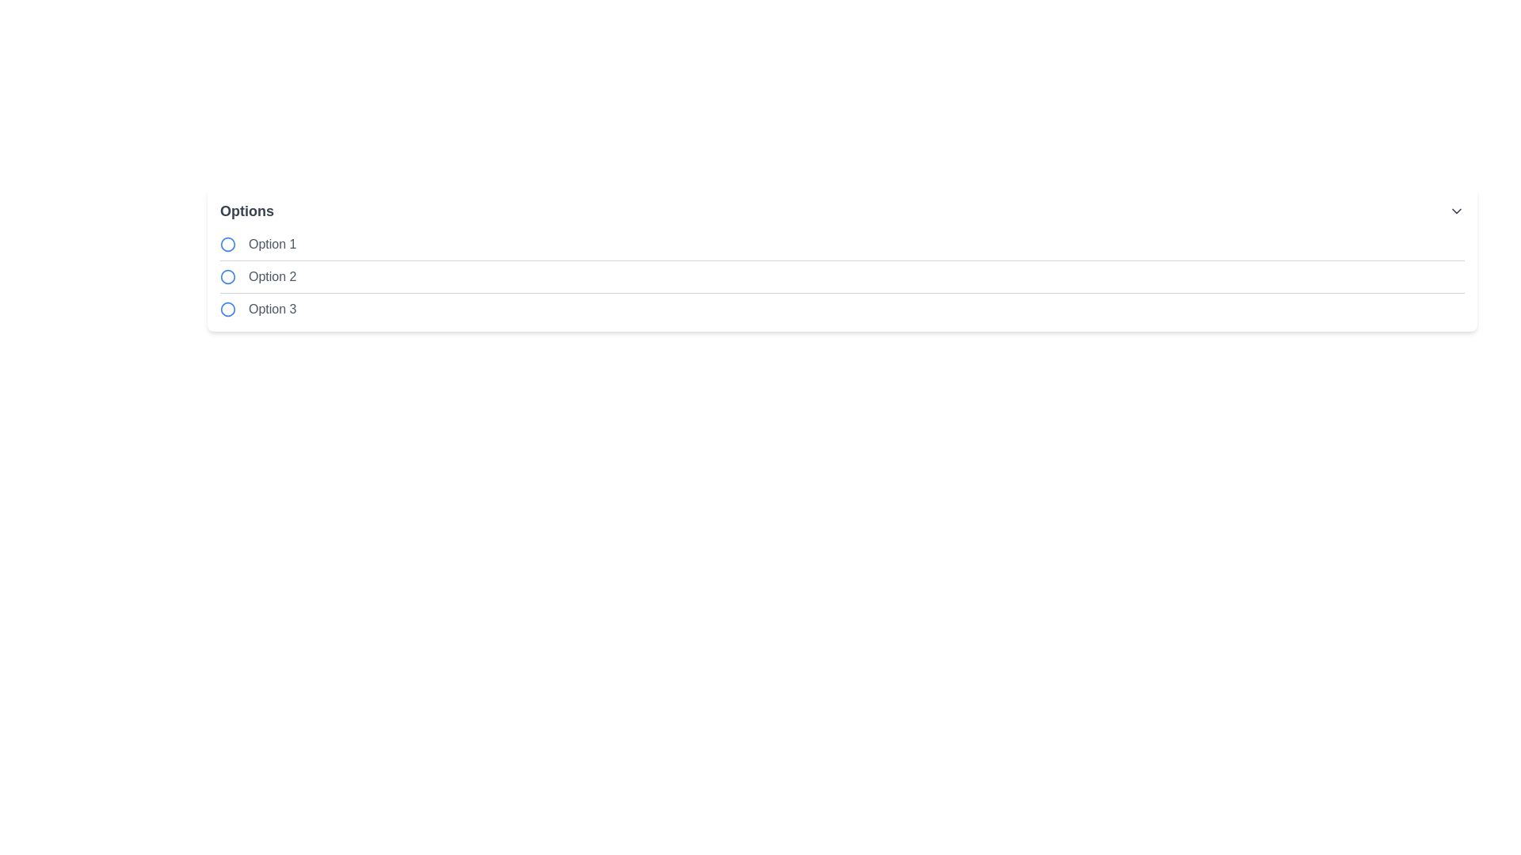 Image resolution: width=1521 pixels, height=855 pixels. Describe the element at coordinates (841, 293) in the screenshot. I see `the third horizontal separator line that visually divides the options between 'Option 2' and 'Option 3'` at that location.